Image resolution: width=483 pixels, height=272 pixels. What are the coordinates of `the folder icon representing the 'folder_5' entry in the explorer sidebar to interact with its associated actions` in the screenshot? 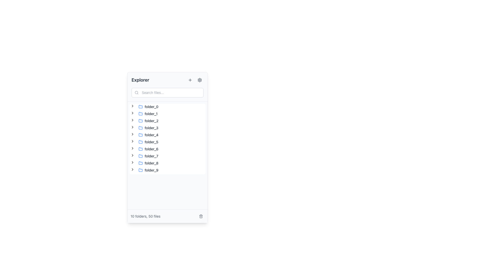 It's located at (140, 142).